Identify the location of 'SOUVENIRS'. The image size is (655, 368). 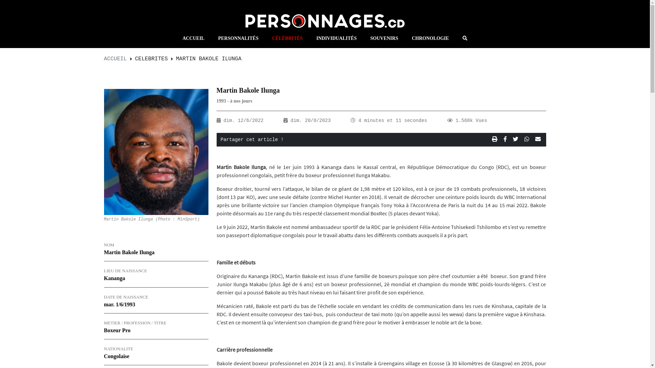
(384, 38).